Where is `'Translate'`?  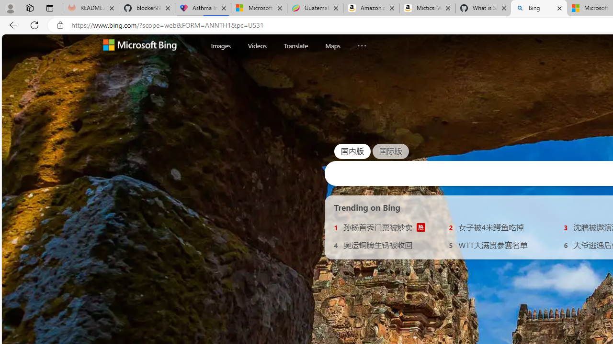 'Translate' is located at coordinates (295, 45).